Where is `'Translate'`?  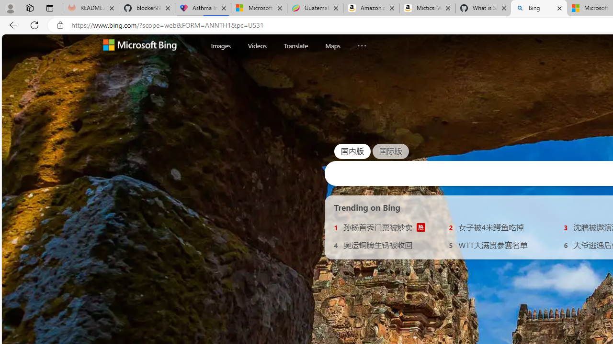 'Translate' is located at coordinates (295, 45).